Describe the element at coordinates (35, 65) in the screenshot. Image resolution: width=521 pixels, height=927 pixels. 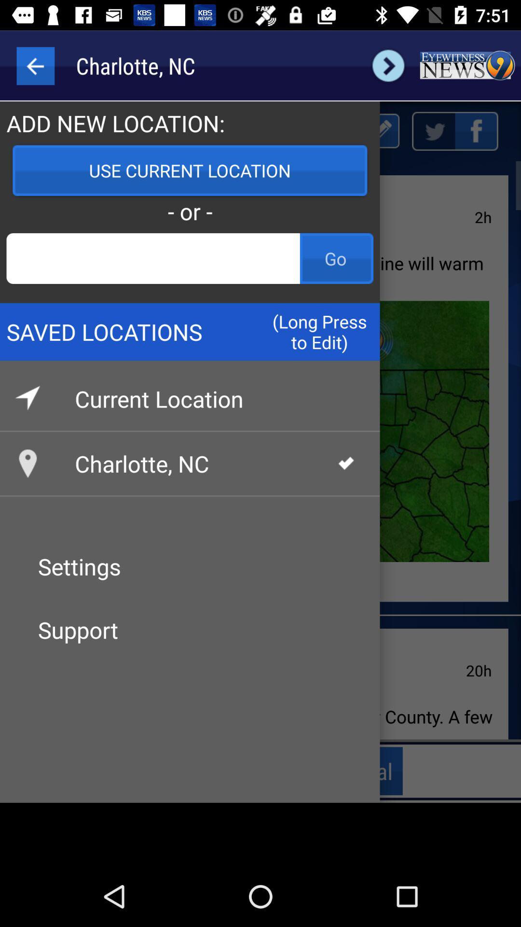
I see `the arrow_backward icon` at that location.